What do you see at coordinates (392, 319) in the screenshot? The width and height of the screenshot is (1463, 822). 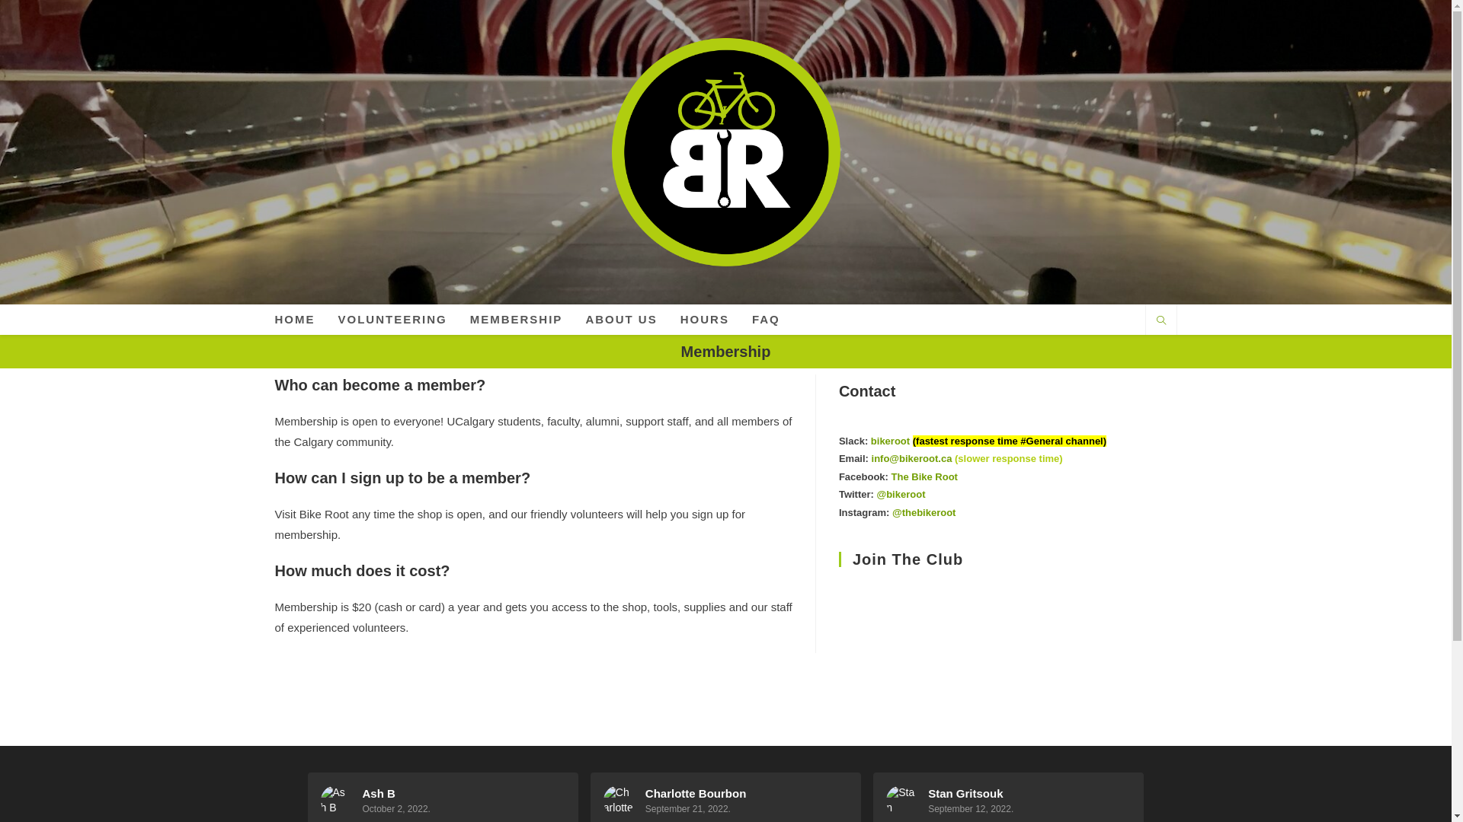 I see `'VOLUNTEERING'` at bounding box center [392, 319].